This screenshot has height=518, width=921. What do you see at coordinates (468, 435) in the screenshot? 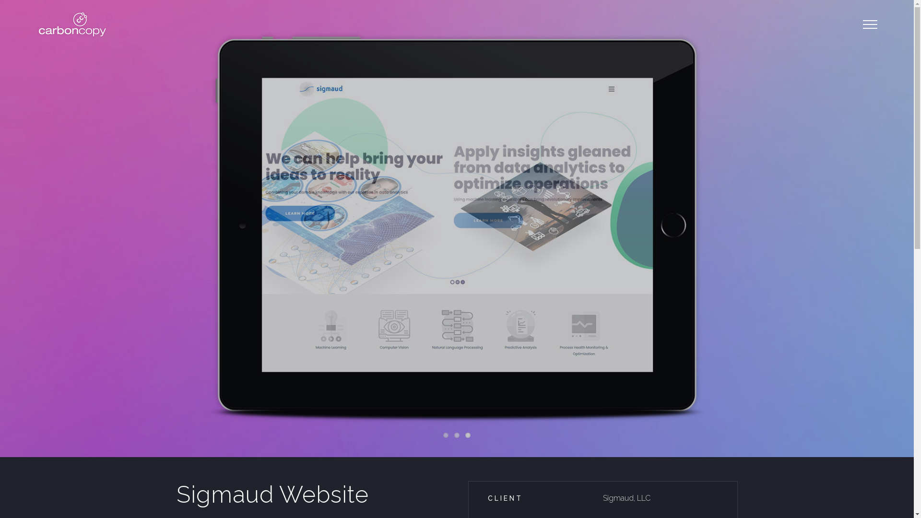
I see `'3'` at bounding box center [468, 435].